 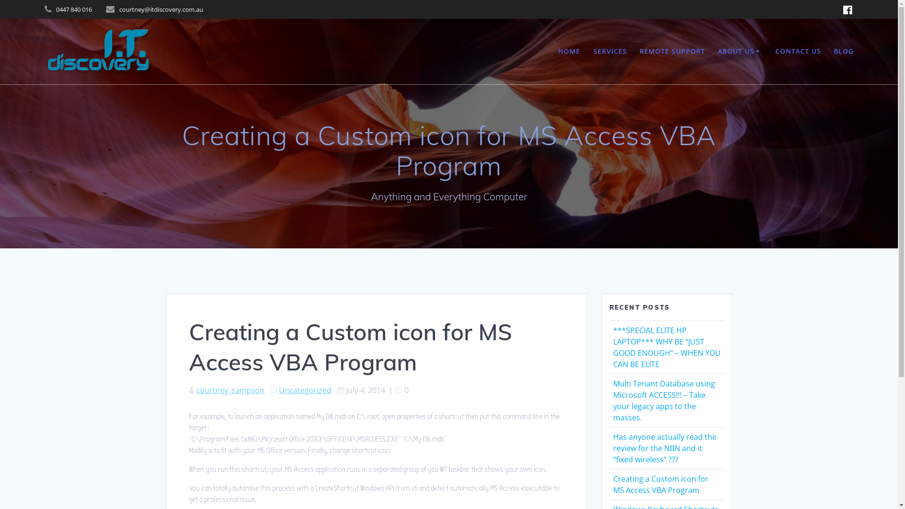 I want to click on 'Uncategorized', so click(x=305, y=390).